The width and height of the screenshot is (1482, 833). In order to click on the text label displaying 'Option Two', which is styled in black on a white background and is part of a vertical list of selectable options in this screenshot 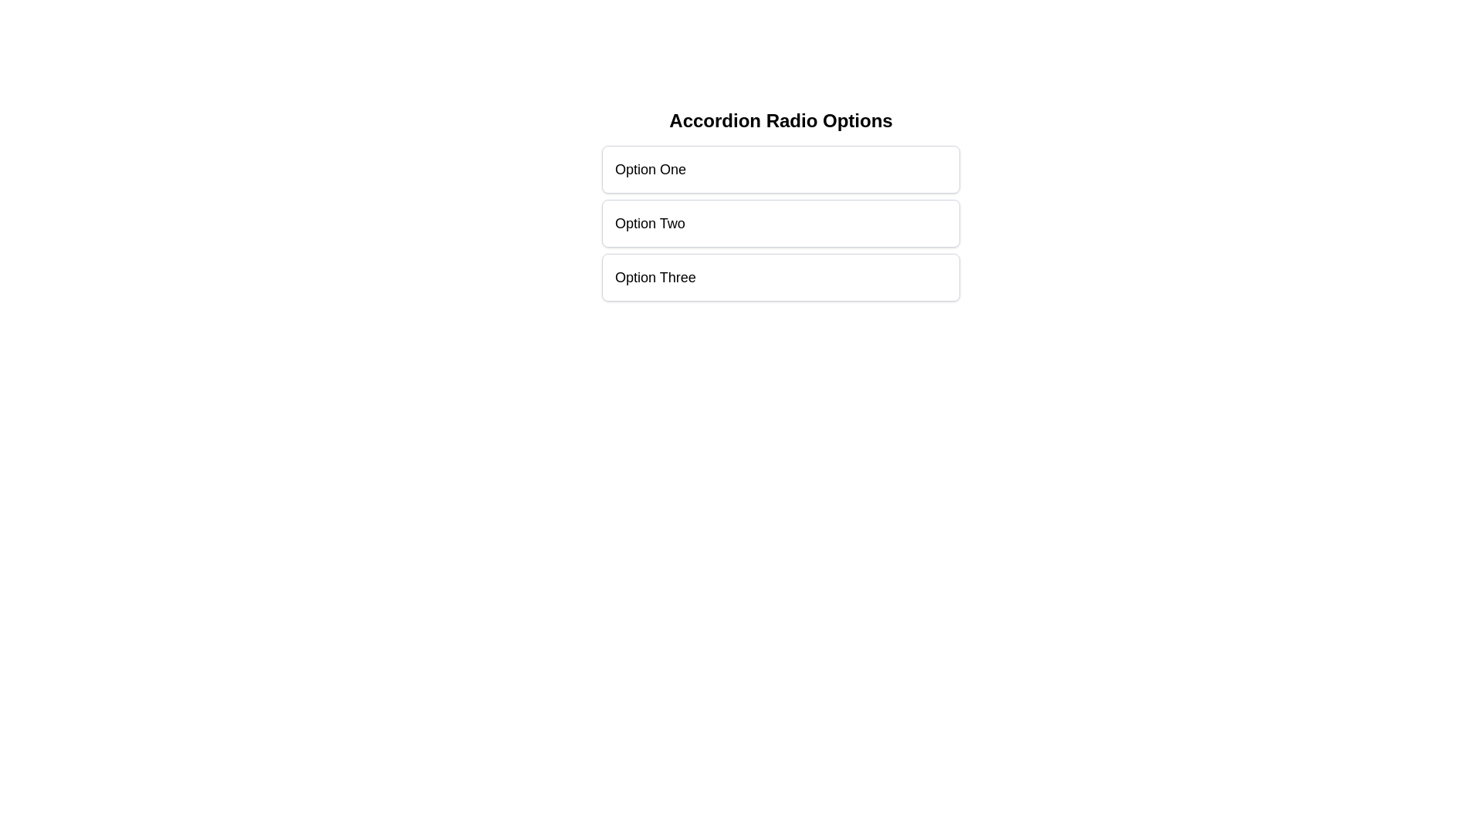, I will do `click(650, 223)`.